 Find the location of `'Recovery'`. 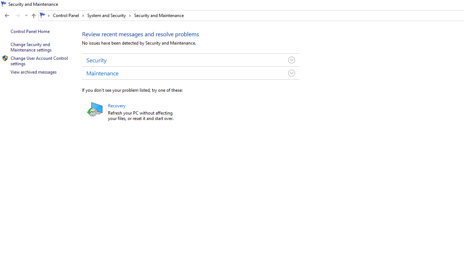

'Recovery' is located at coordinates (116, 105).